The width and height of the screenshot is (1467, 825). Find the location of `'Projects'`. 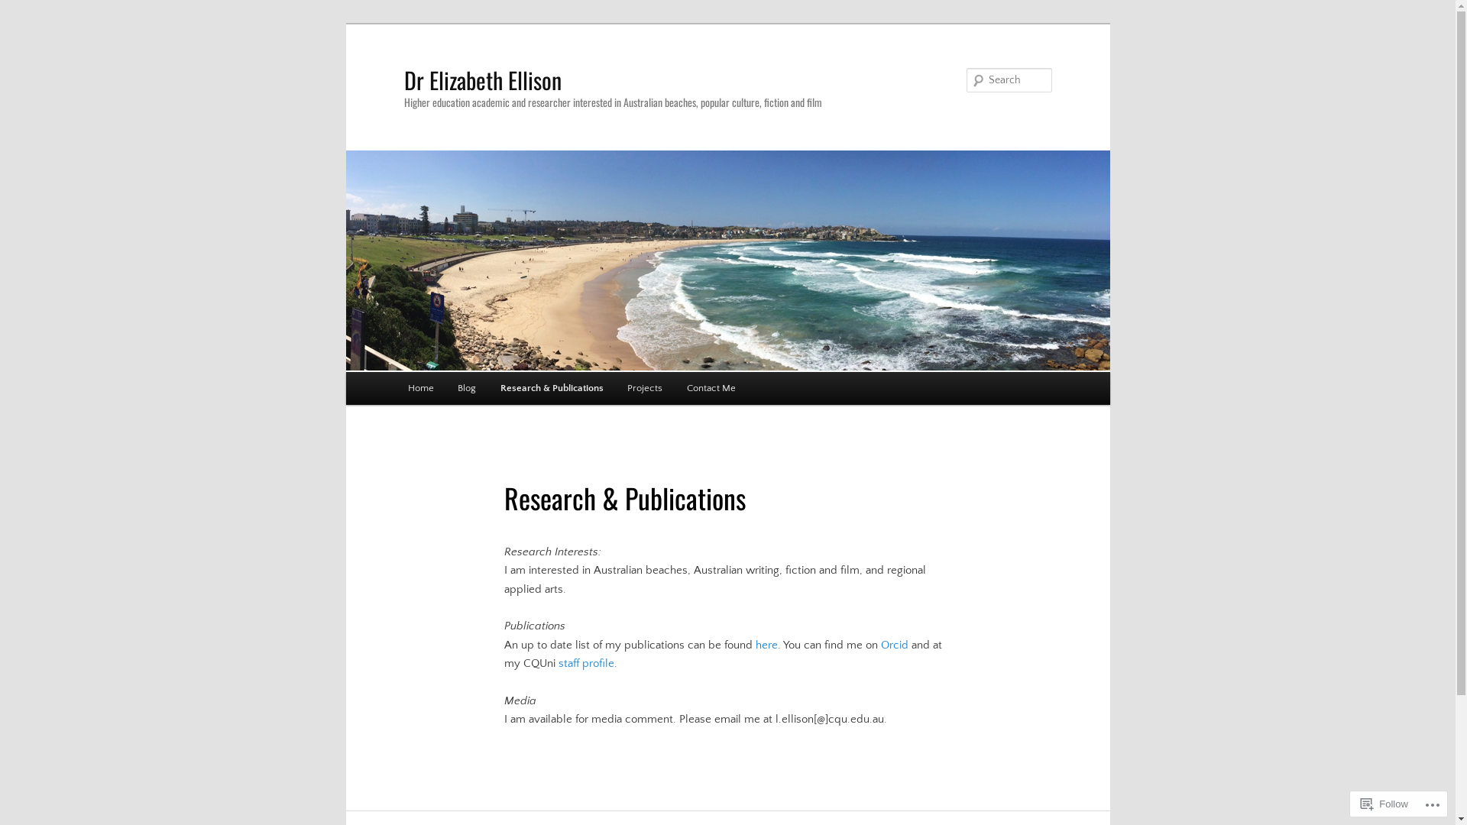

'Projects' is located at coordinates (645, 387).